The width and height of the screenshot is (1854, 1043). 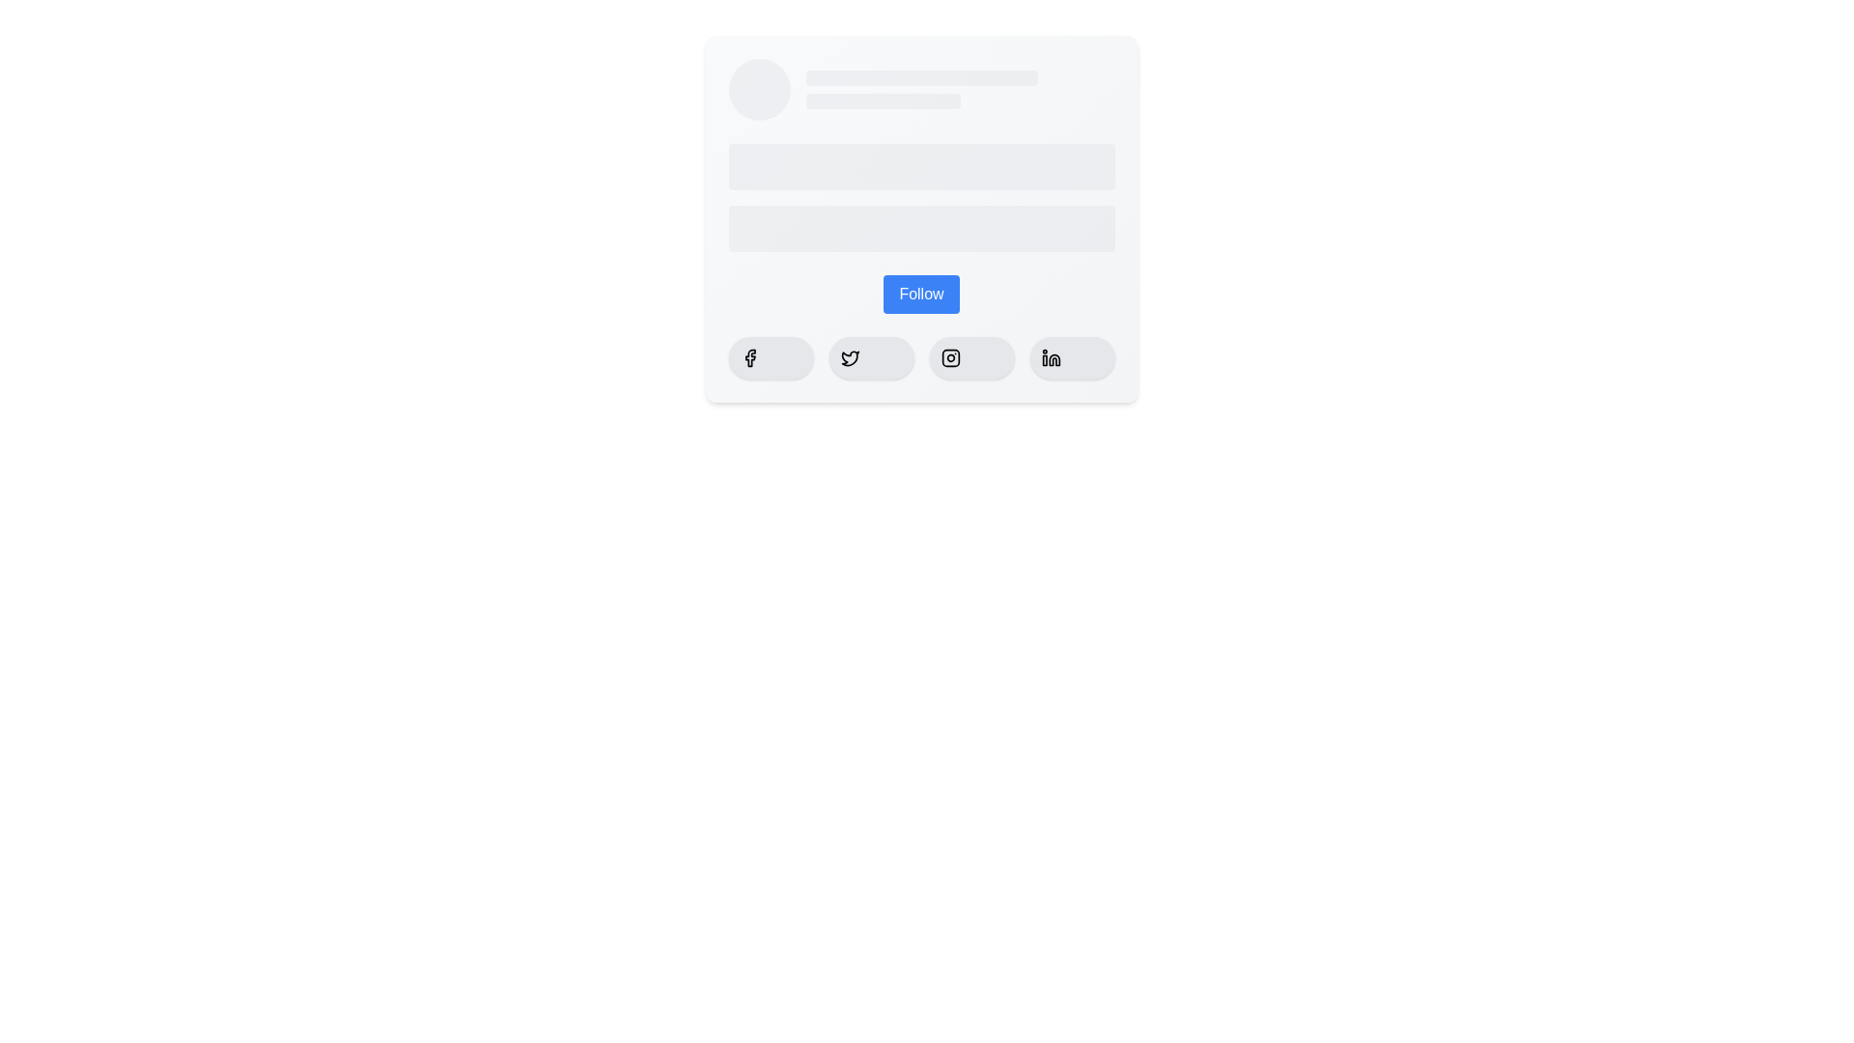 I want to click on the Facebook logo icon, which is a small, minimalistic icon located at the far-left position in a row of social media icons beneath the 'Follow' button, so click(x=748, y=357).